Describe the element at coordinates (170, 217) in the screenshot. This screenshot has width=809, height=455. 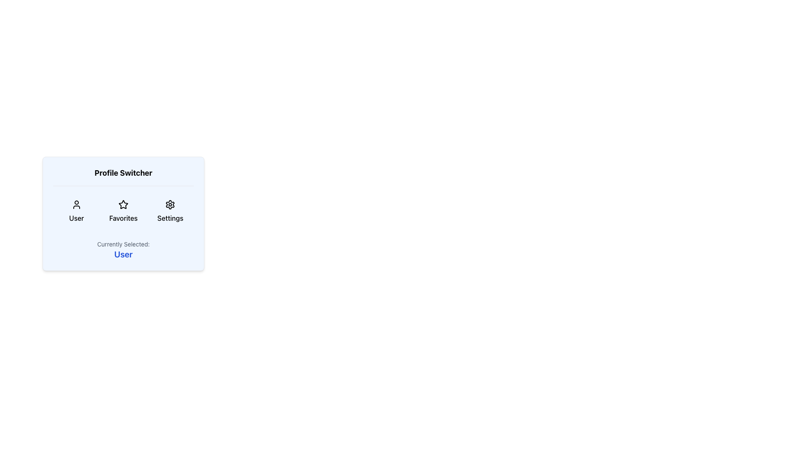
I see `the text label displaying 'Settings', which is located at the bottom of the 'Settings' option in the menu, below a gear icon` at that location.